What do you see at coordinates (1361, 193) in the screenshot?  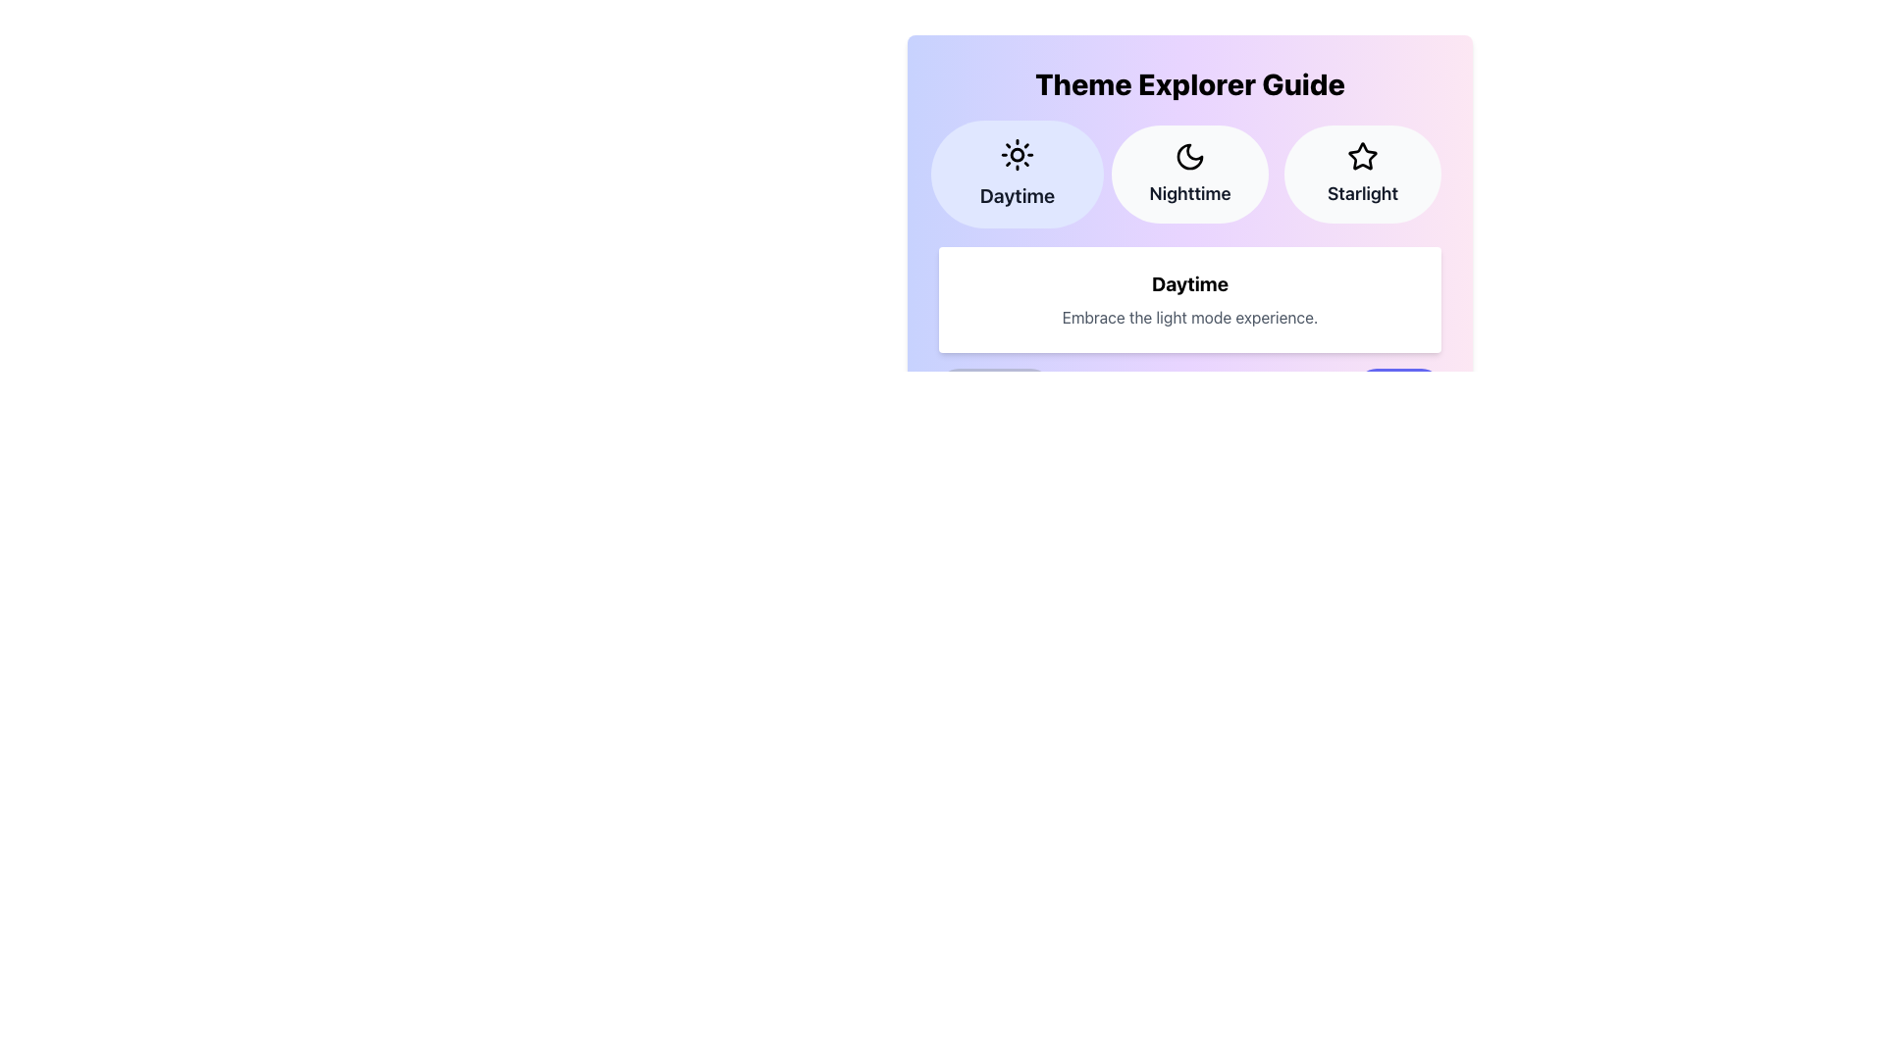 I see `text displayed in the Static Text Label labeled 'Starlight', which is in bold, large-sized letters, dark gray in color, and located beneath a star icon within a rounded rectangle` at bounding box center [1361, 193].